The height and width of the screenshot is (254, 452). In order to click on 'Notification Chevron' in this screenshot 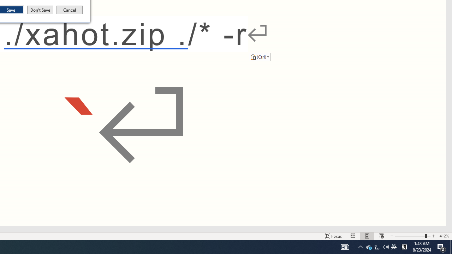, I will do `click(360, 246)`.